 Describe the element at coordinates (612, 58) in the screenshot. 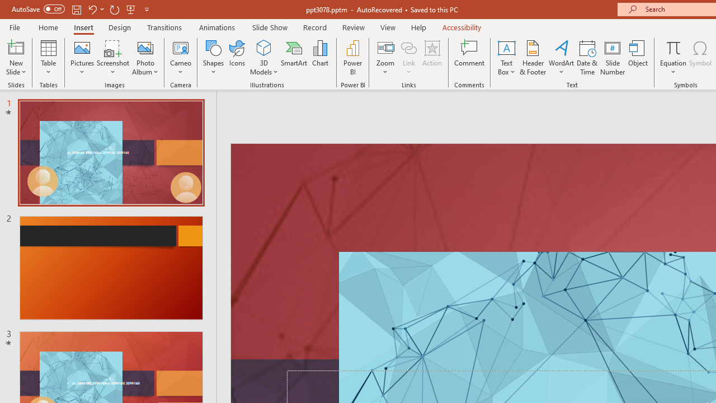

I see `'Slide Number'` at that location.